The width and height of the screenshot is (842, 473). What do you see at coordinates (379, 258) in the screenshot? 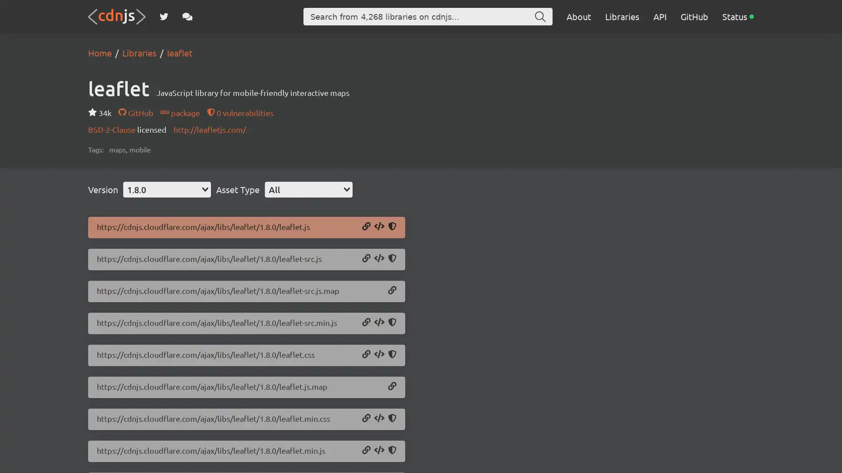
I see `Copy Script Tag` at bounding box center [379, 258].